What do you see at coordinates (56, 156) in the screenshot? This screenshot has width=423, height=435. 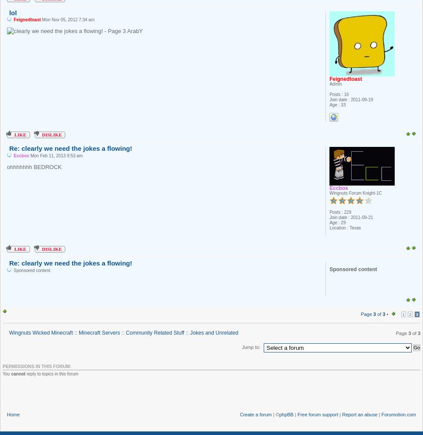 I see `'Mon Feb 11, 2013 9:53 am'` at bounding box center [56, 156].